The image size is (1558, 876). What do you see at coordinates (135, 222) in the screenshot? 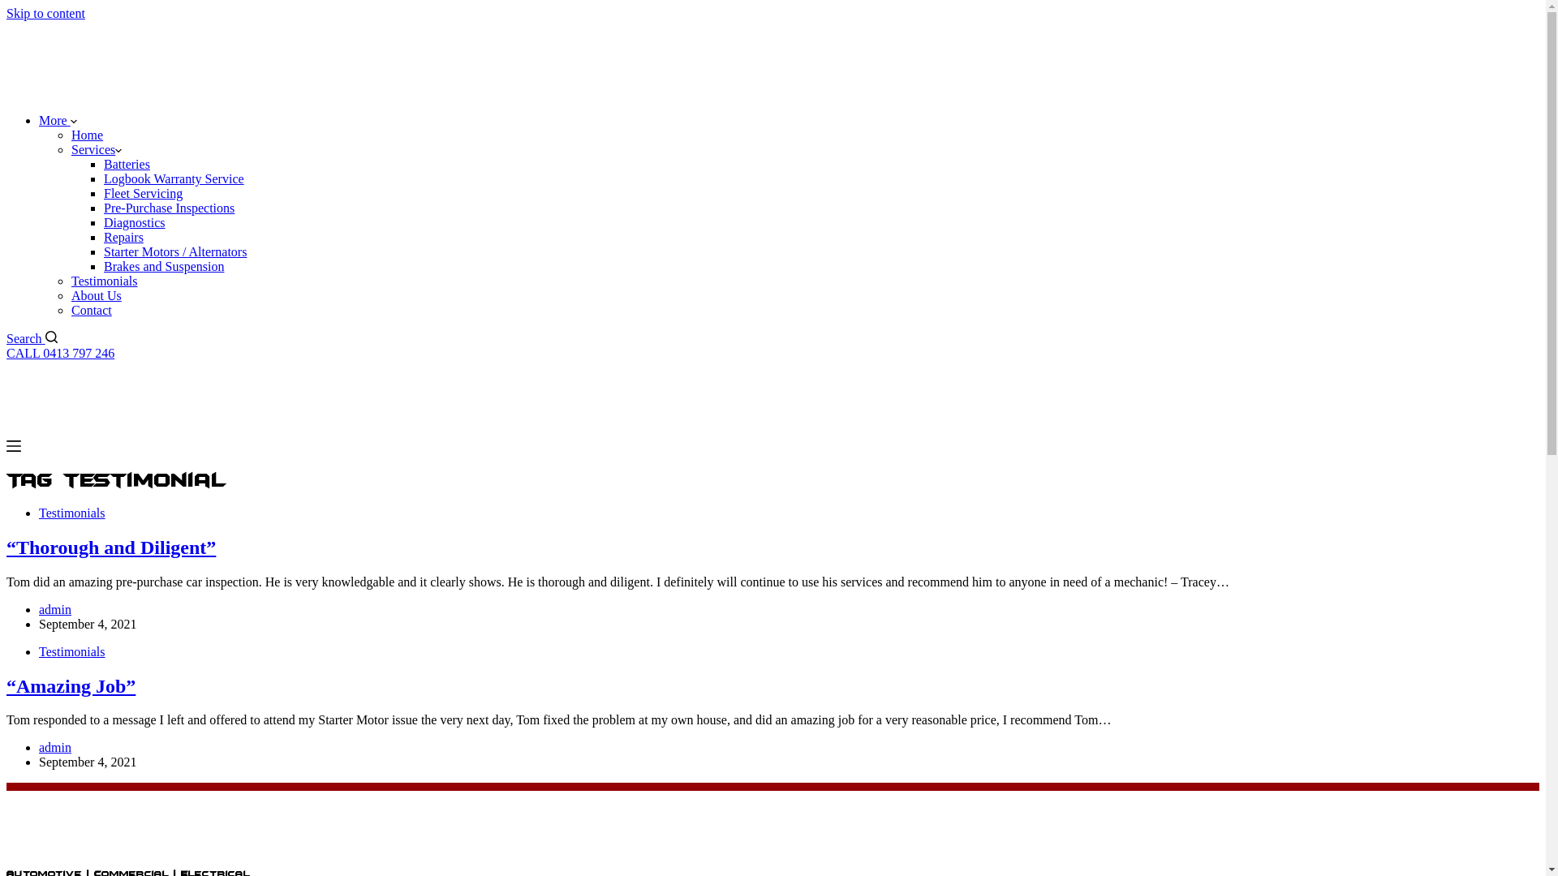
I see `'Diagnostics'` at bounding box center [135, 222].